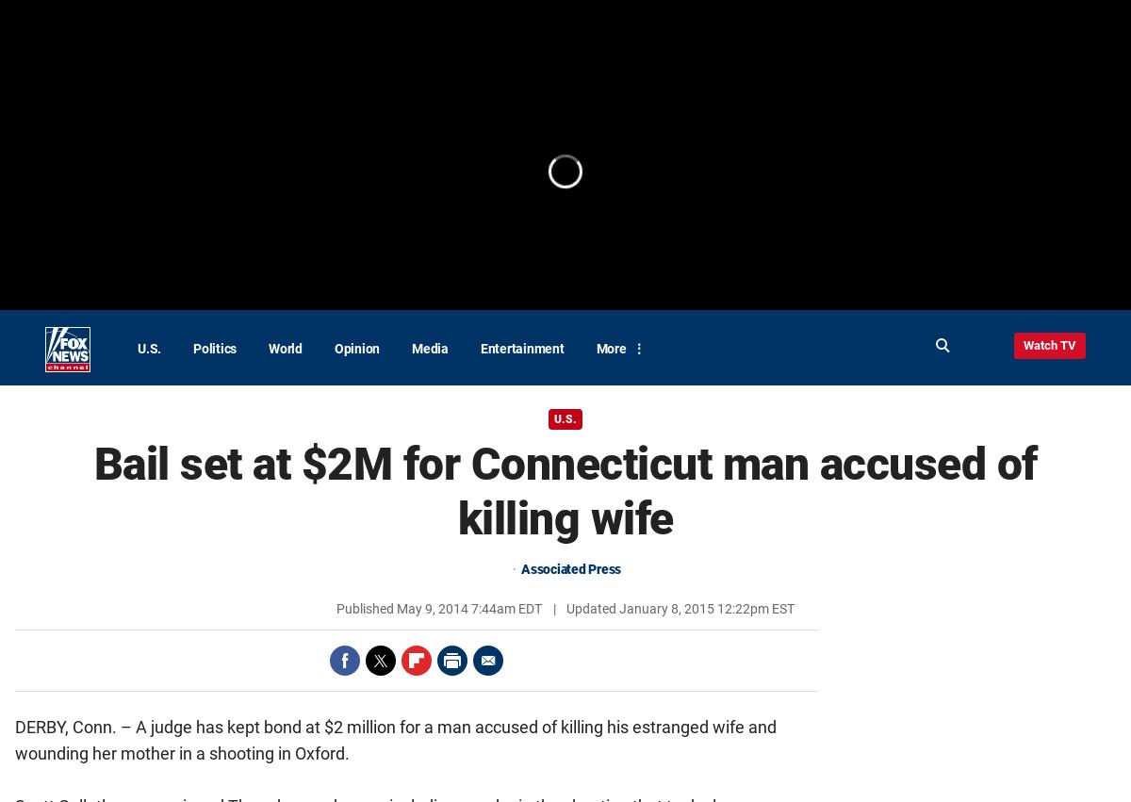 The width and height of the screenshot is (1131, 802). What do you see at coordinates (564, 491) in the screenshot?
I see `'Bail set at $2M for Connecticut man accused of killing wife'` at bounding box center [564, 491].